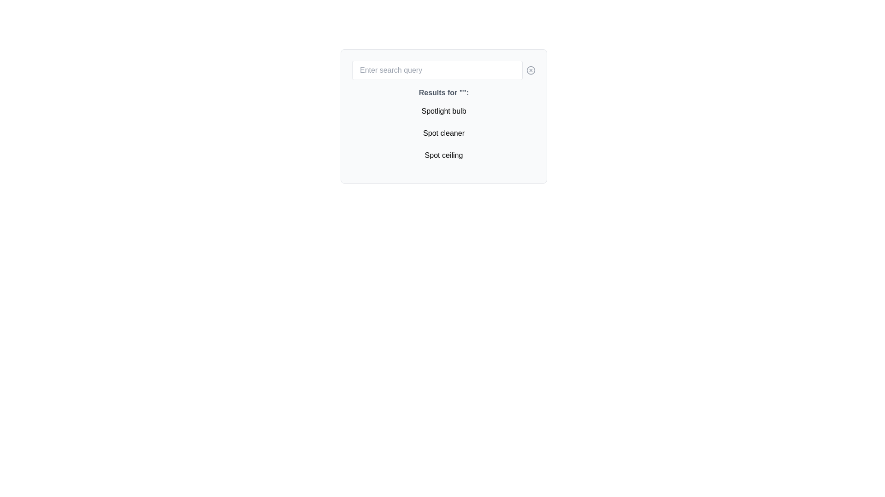  What do you see at coordinates (442, 110) in the screenshot?
I see `character 'g' from the text 'Spotlight bulb' displayed in the first item of the vertically oriented list below the search input box` at bounding box center [442, 110].